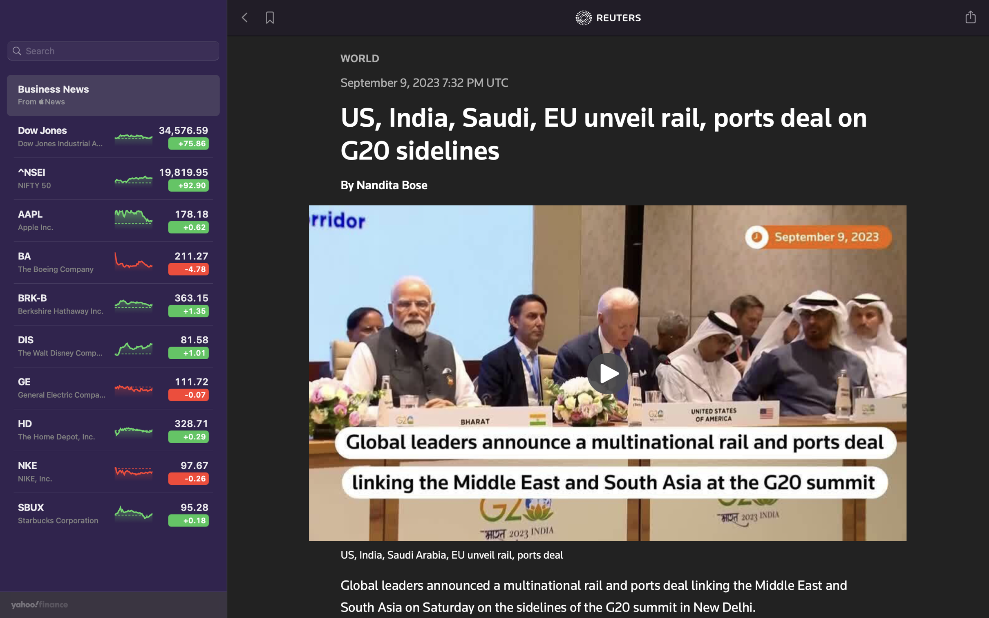 The image size is (989, 618). Describe the element at coordinates (114, 52) in the screenshot. I see `Look up for the latest news related to General Electric` at that location.